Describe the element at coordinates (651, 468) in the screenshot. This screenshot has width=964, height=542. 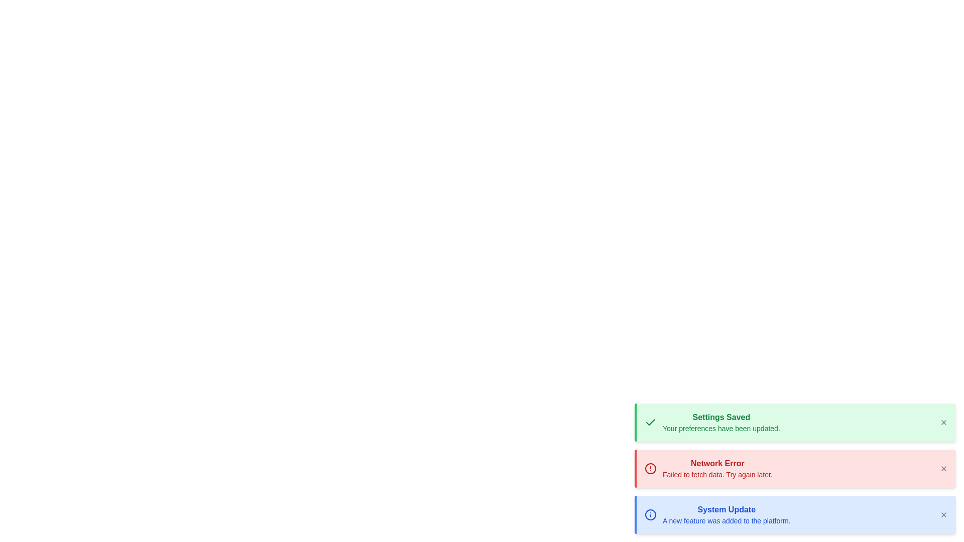
I see `the alert icon that indicates a 'Network Error' message on the red background banner` at that location.